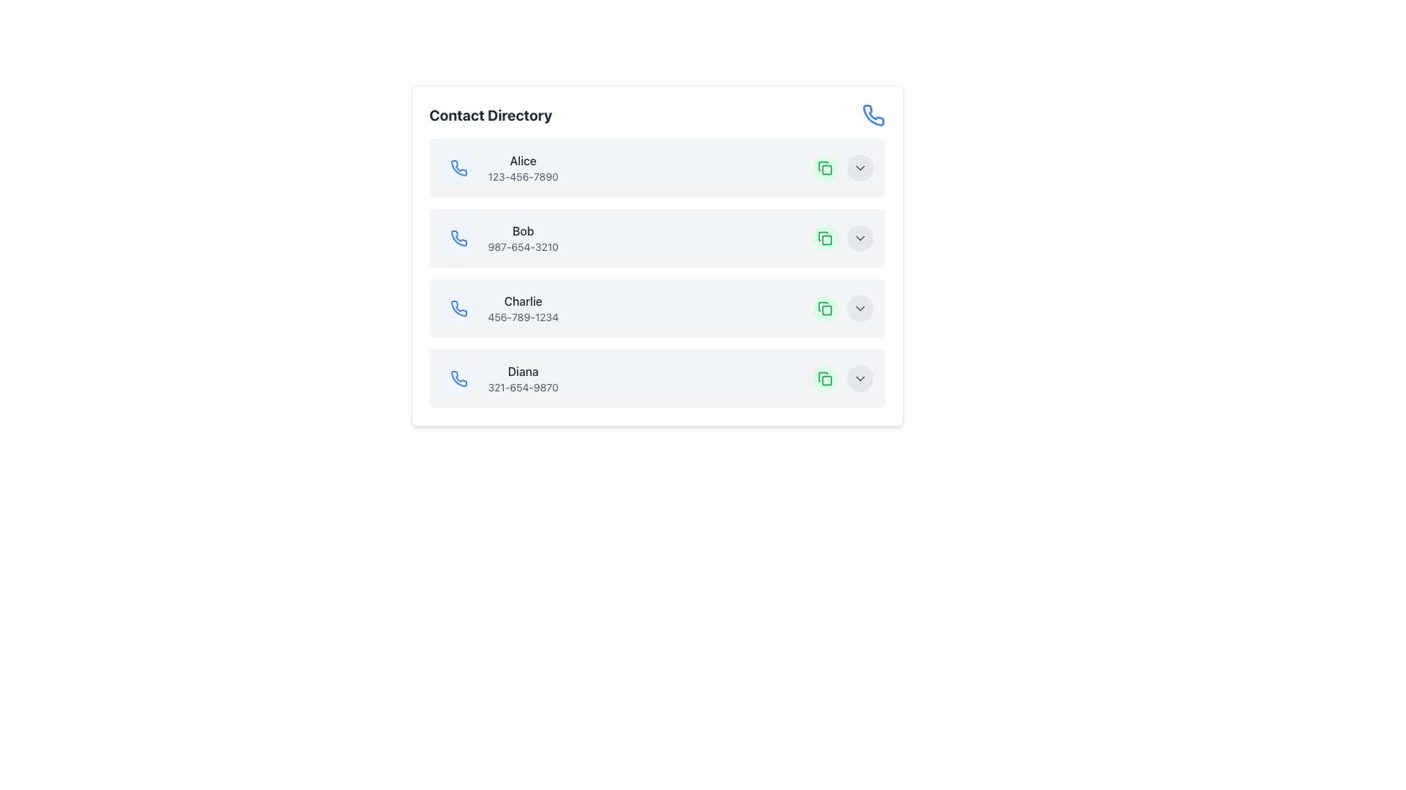 The height and width of the screenshot is (790, 1406). What do you see at coordinates (860, 238) in the screenshot?
I see `the downward chevron icon of the Dropdown Trigger` at bounding box center [860, 238].